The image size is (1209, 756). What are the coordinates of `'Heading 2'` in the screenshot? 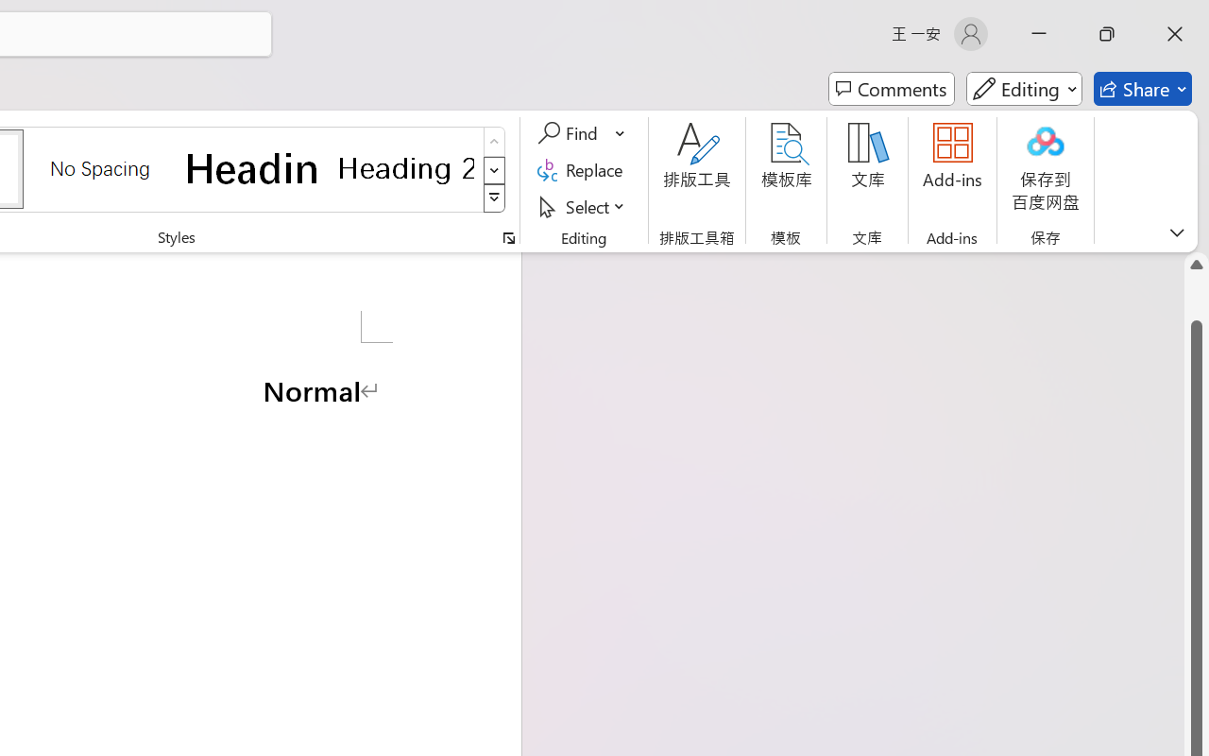 It's located at (405, 167).